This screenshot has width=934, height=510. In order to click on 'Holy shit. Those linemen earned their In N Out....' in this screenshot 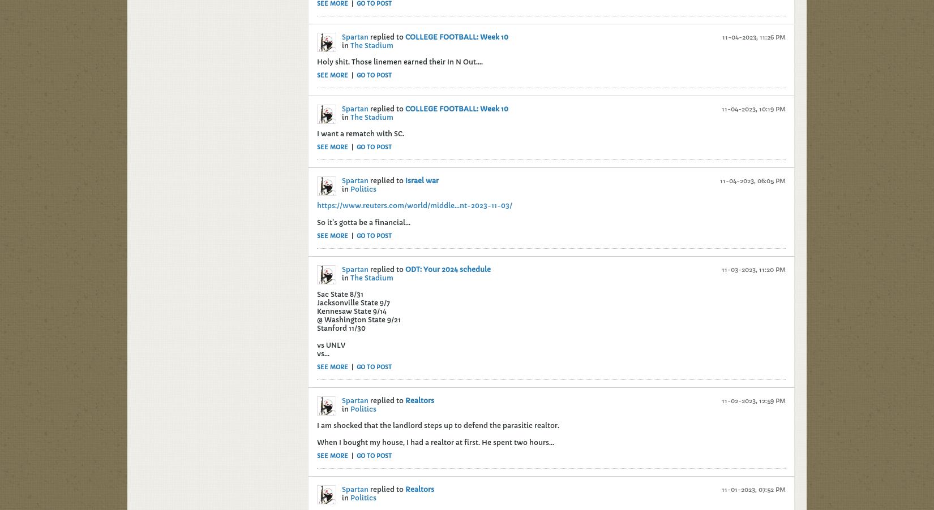, I will do `click(399, 61)`.